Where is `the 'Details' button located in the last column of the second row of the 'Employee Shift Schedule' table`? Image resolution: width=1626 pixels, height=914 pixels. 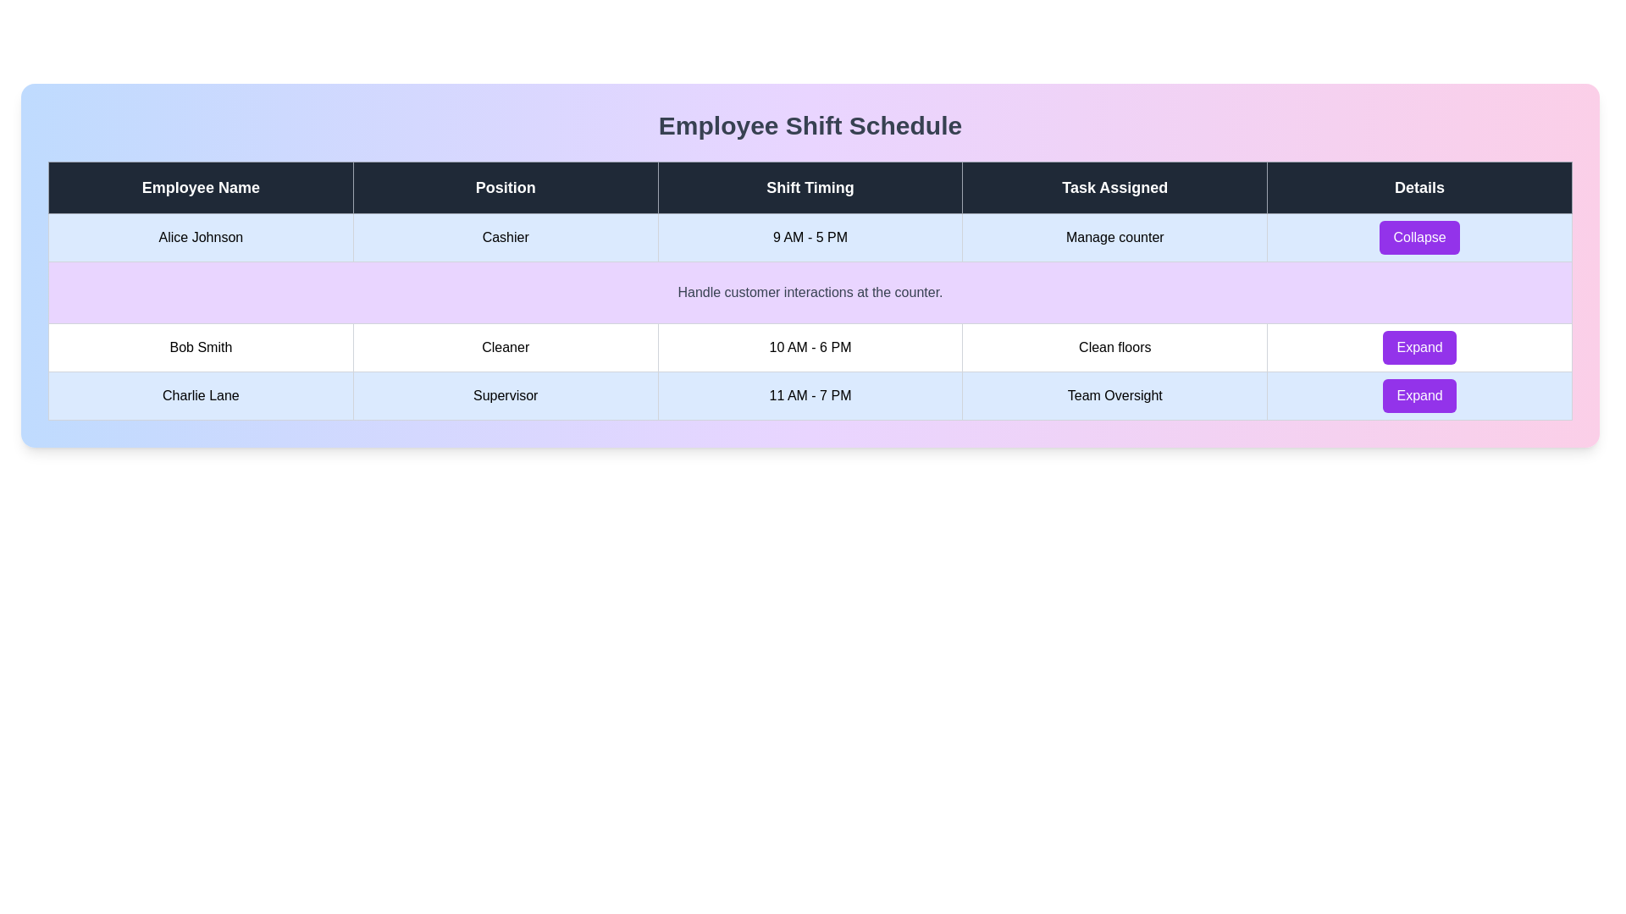 the 'Details' button located in the last column of the second row of the 'Employee Shift Schedule' table is located at coordinates (1419, 347).